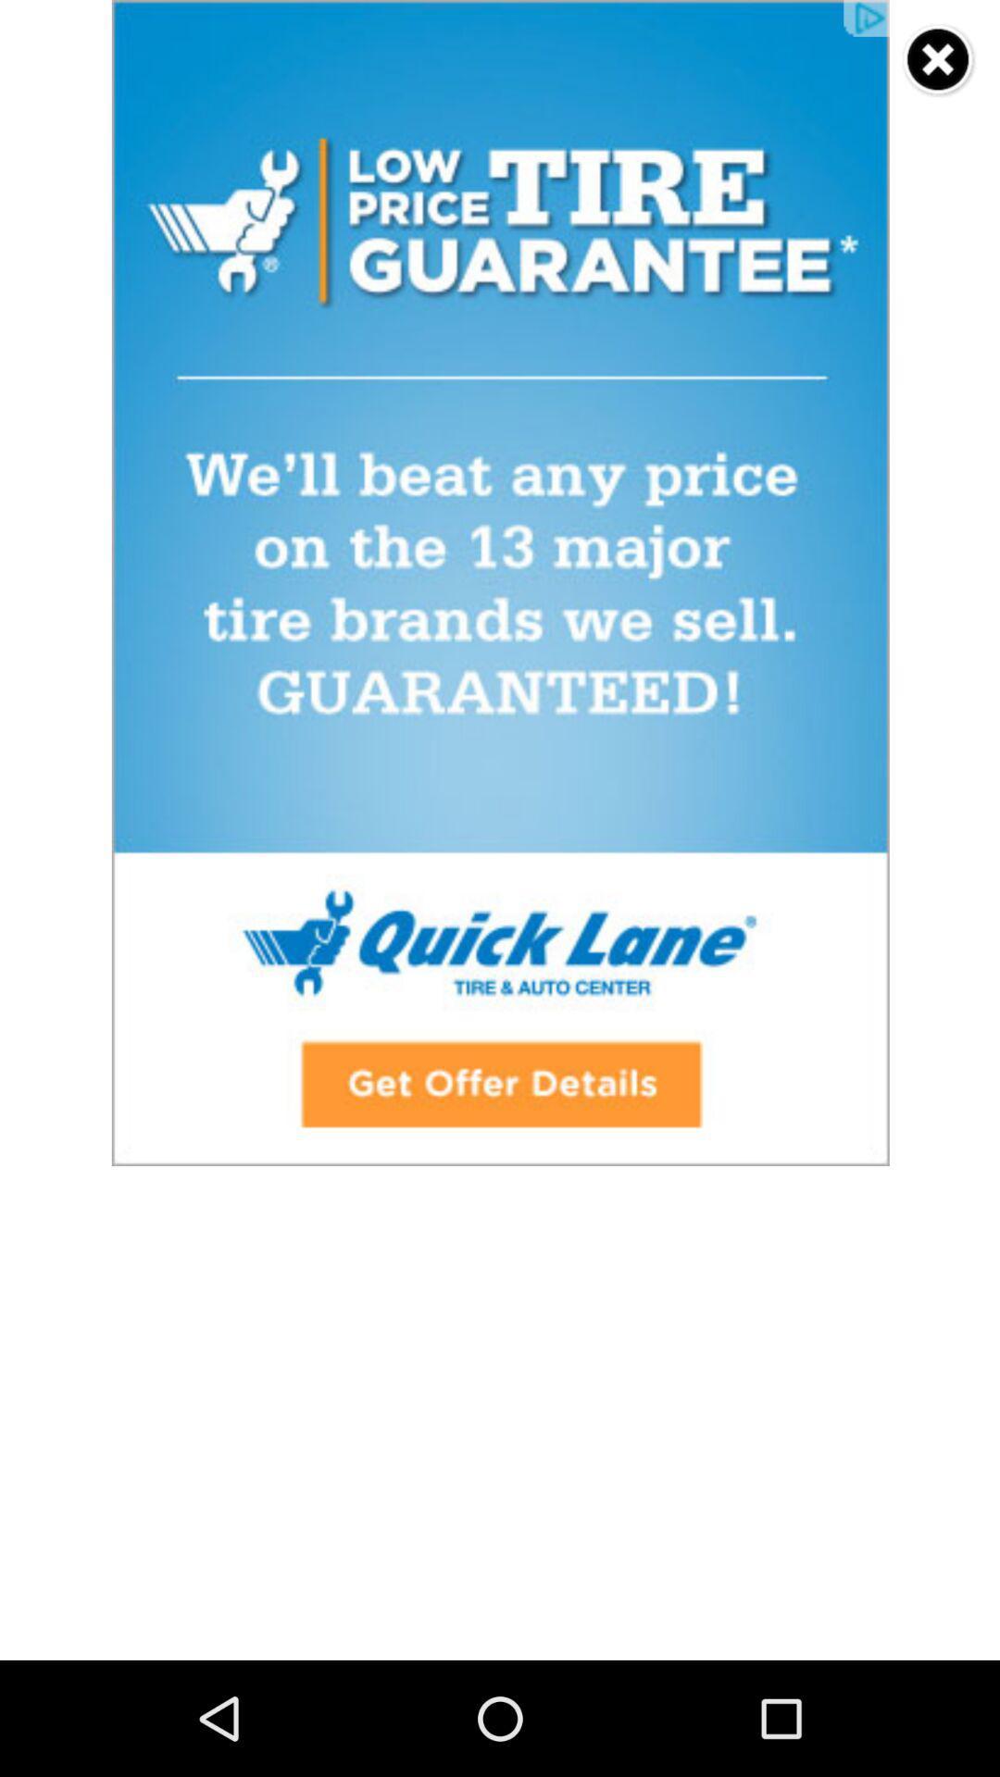 This screenshot has width=1000, height=1777. Describe the element at coordinates (939, 60) in the screenshot. I see `advertisement` at that location.